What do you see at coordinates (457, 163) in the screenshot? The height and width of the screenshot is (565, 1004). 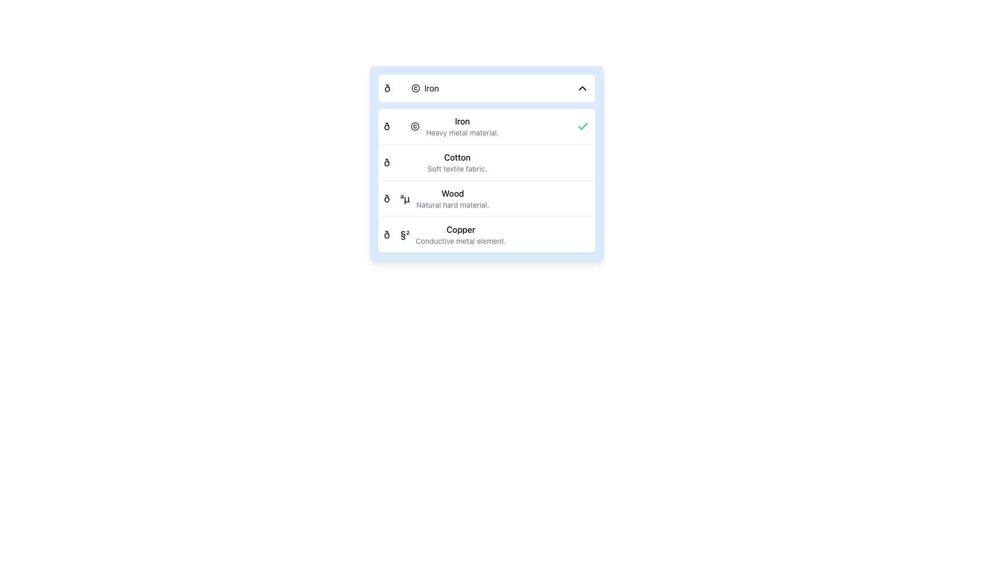 I see `the Text Block displaying 'Cotton' in bold font, located as the second item in the list between 'Iron' and 'Wood'` at bounding box center [457, 163].